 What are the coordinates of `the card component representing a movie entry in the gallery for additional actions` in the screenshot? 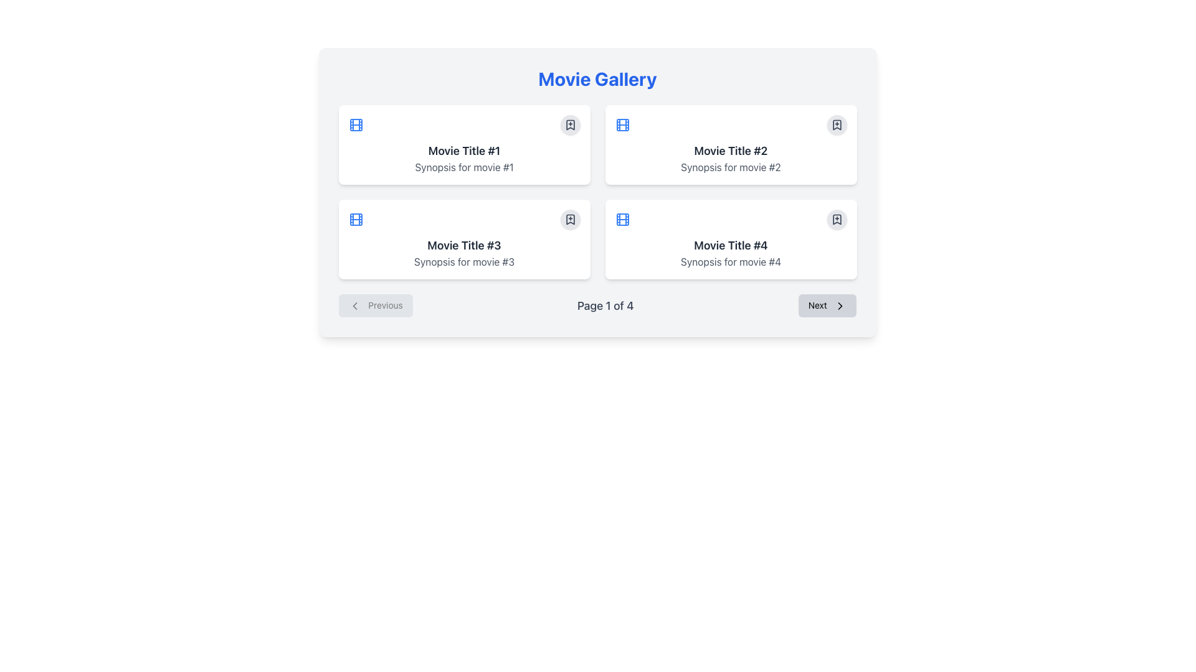 It's located at (463, 240).